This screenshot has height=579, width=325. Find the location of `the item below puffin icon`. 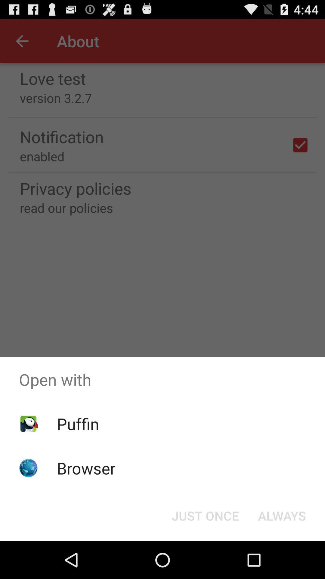

the item below puffin icon is located at coordinates (86, 468).